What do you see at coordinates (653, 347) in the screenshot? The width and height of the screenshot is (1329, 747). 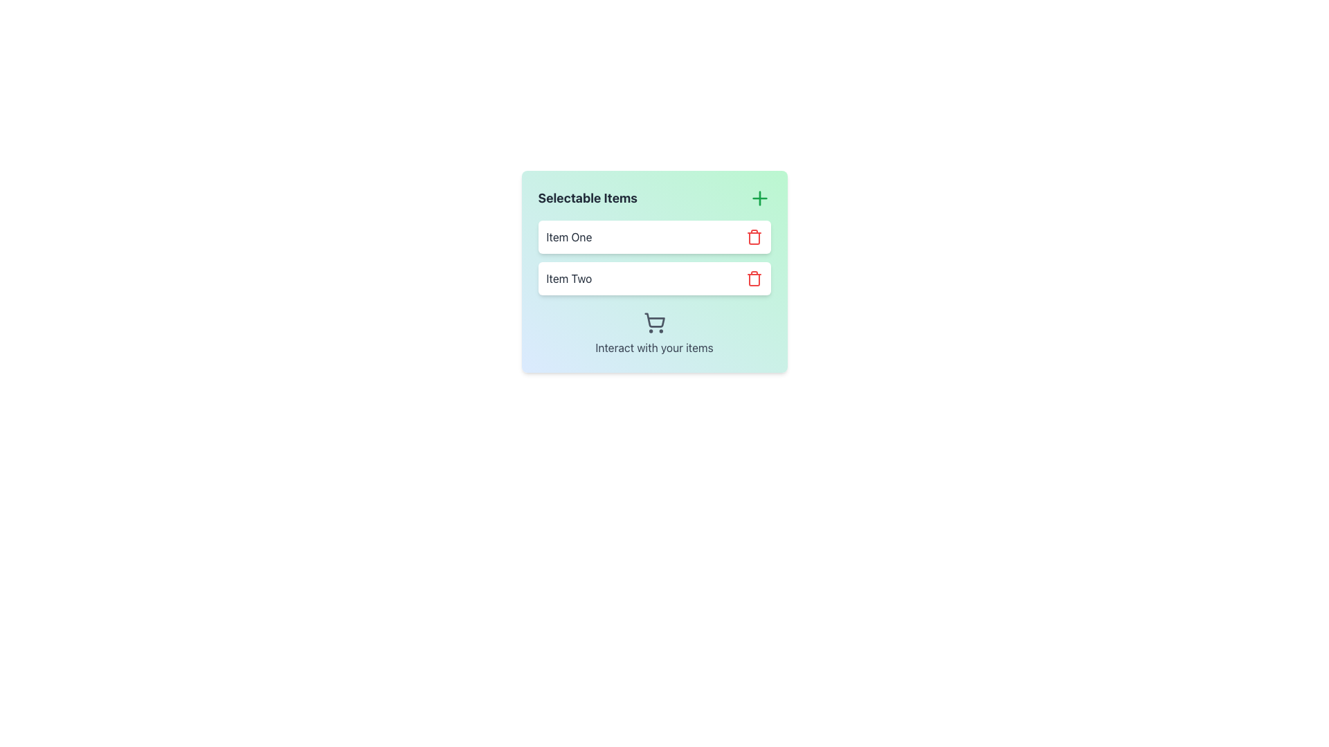 I see `text label that says 'Interact with your items', which is styled in gray and located below the shopping cart icon in the panel` at bounding box center [653, 347].